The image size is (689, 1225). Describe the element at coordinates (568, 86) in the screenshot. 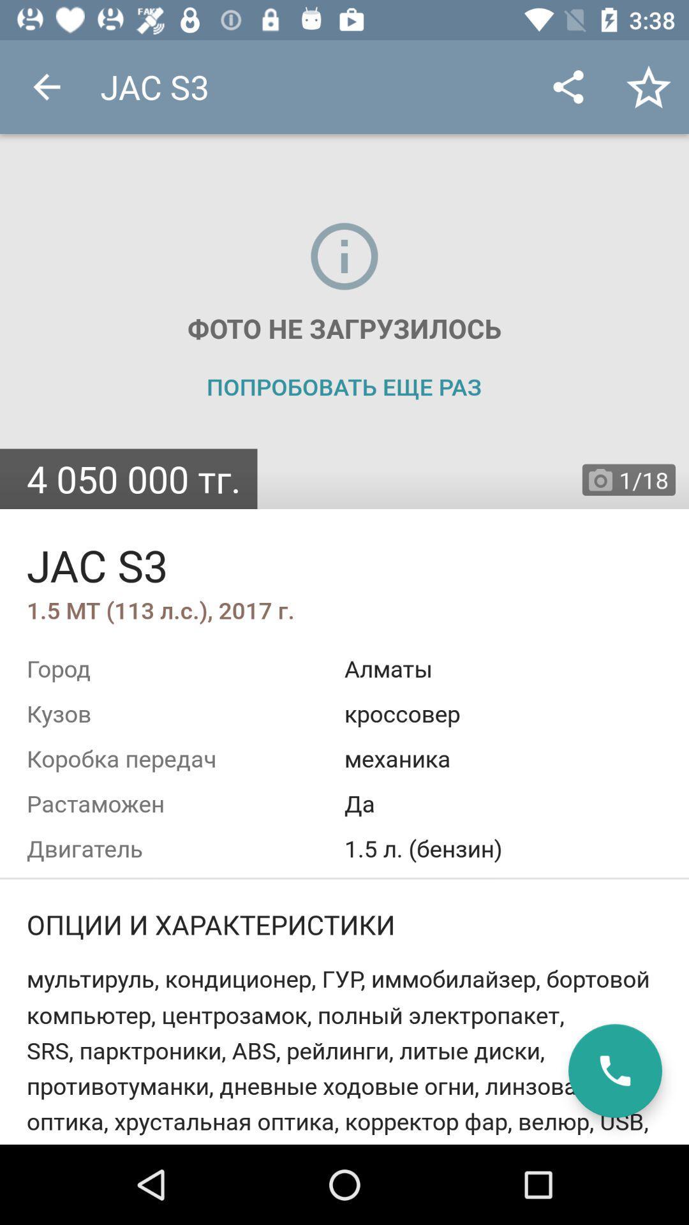

I see `the app to the right of jac s3 icon` at that location.